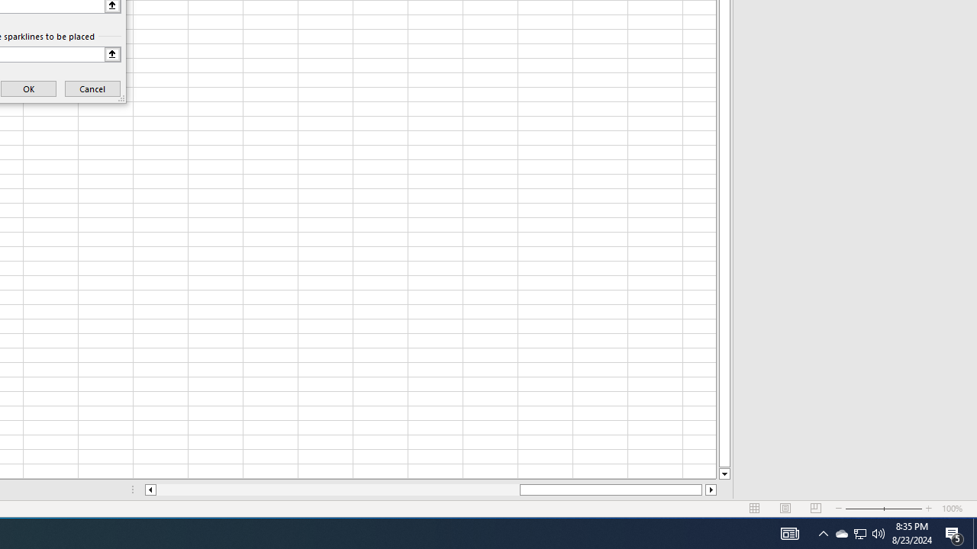  Describe the element at coordinates (864, 509) in the screenshot. I see `'Zoom Out'` at that location.